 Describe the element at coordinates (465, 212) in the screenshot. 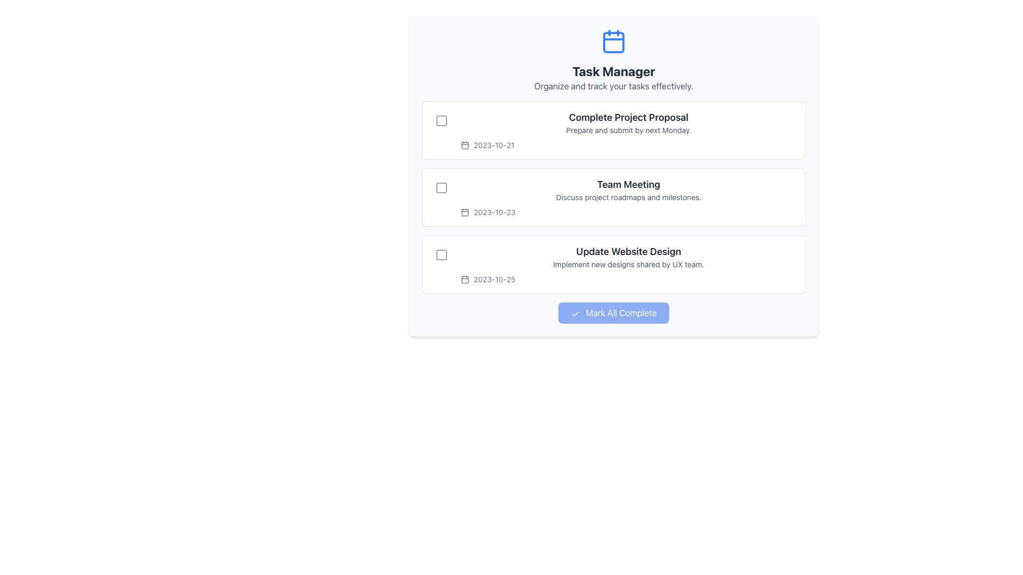

I see `the small calendar icon located in the date information section of the second task entry, which is colorless and precedes the text '2023-10-23'` at that location.